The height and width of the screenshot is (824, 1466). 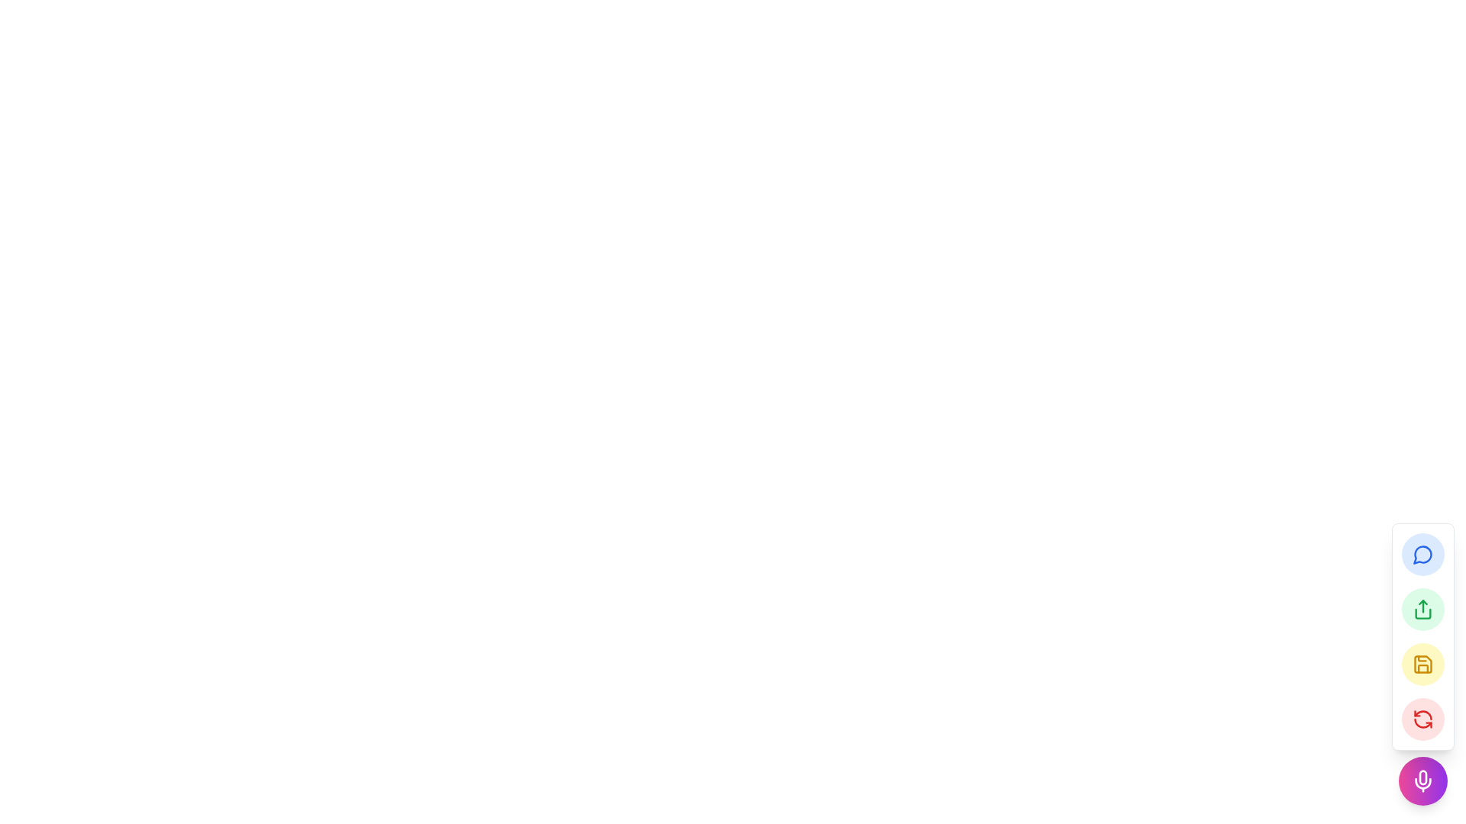 I want to click on the microphone icon button located at the bottom-right corner of the interface, so click(x=1422, y=781).